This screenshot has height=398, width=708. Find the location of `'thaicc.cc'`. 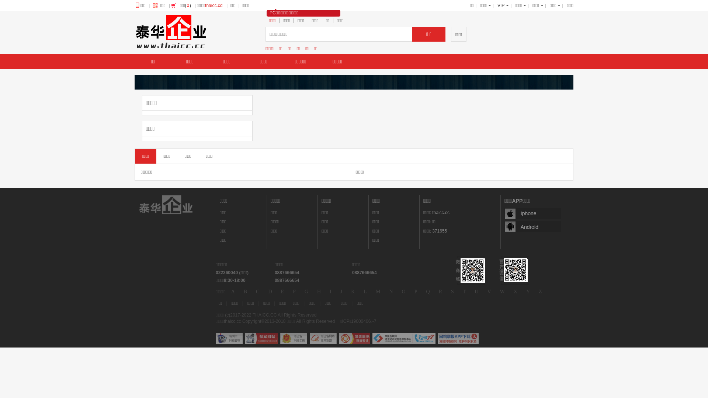

'thaicc.cc' is located at coordinates (432, 213).